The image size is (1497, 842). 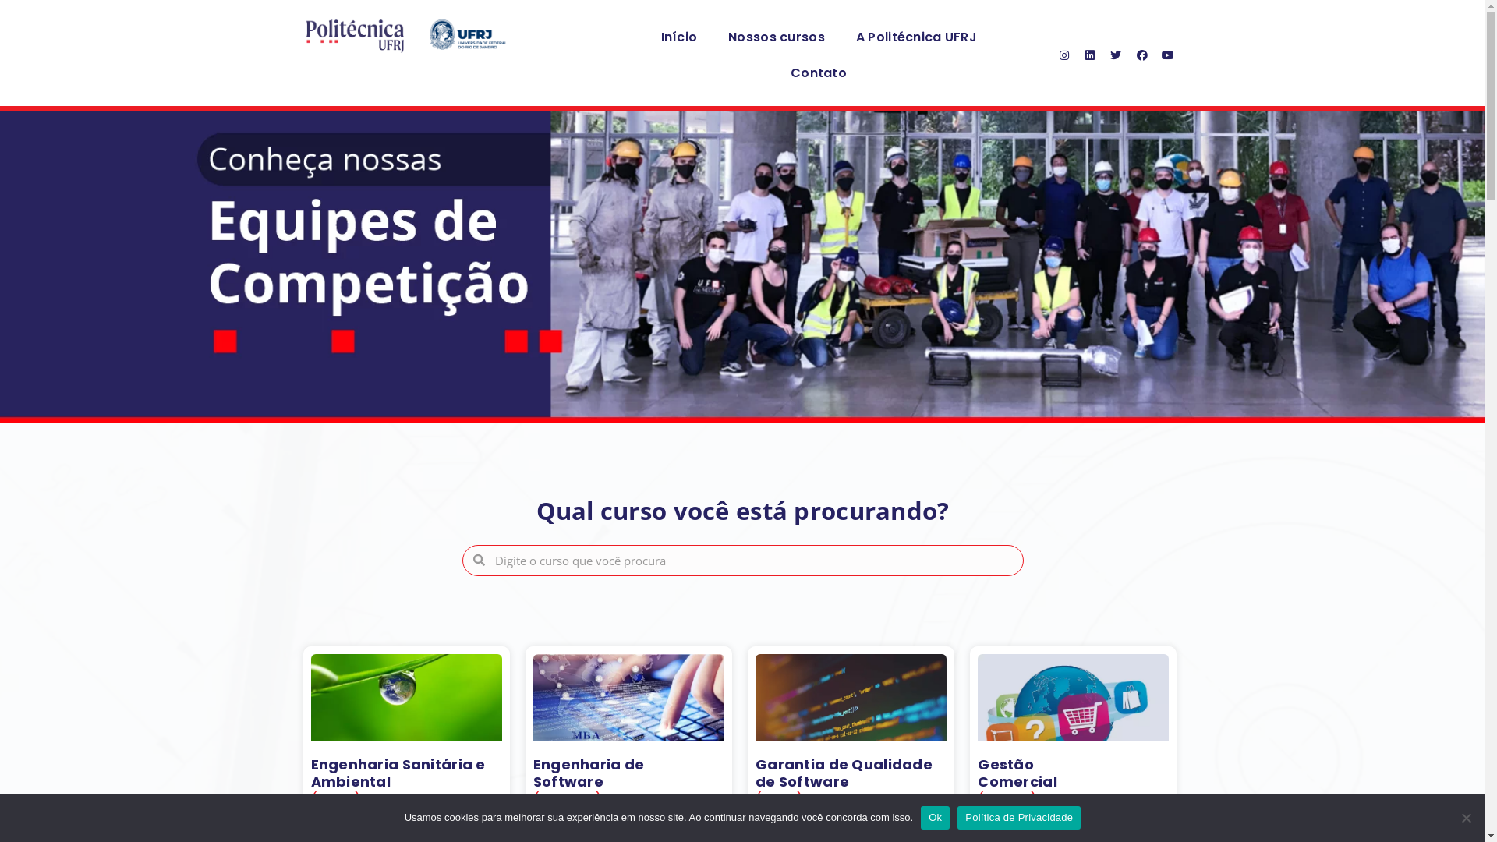 I want to click on 'Nossos cursos', so click(x=776, y=36).